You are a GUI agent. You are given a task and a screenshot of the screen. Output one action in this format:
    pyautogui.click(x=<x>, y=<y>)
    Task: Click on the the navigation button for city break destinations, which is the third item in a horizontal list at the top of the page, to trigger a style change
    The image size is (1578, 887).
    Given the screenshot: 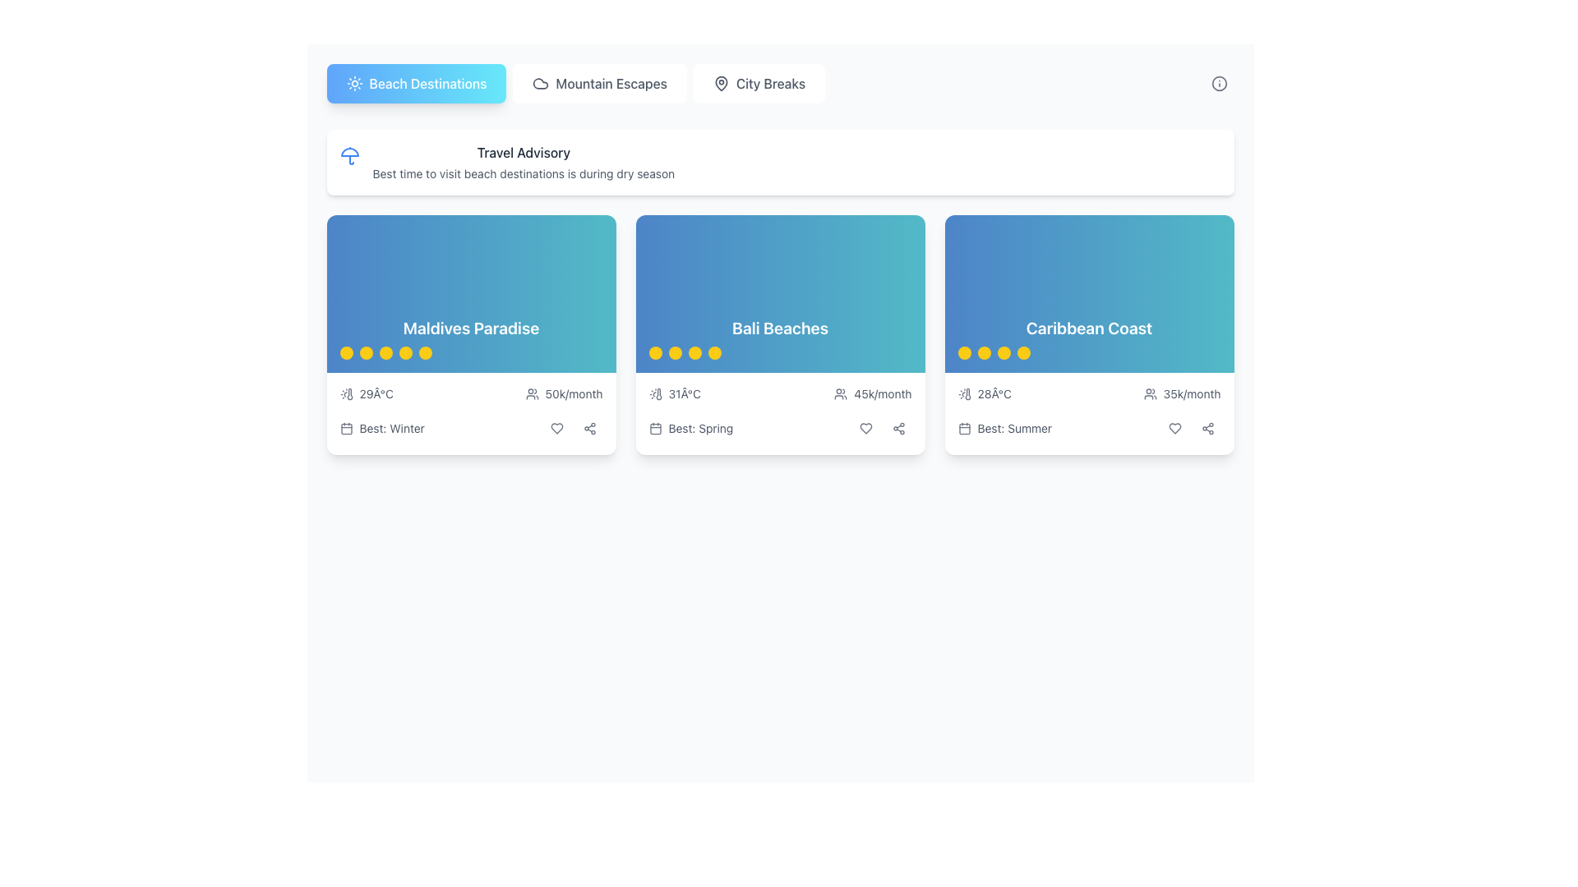 What is the action you would take?
    pyautogui.click(x=758, y=83)
    